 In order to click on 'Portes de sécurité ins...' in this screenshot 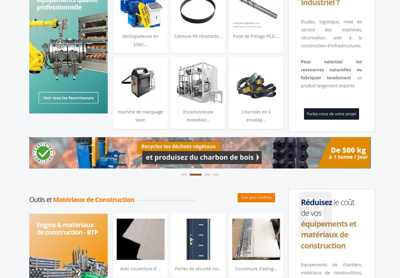, I will do `click(198, 268)`.